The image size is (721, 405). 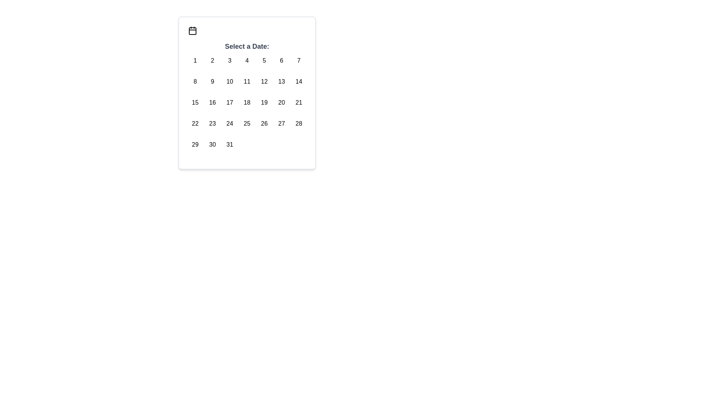 I want to click on the button displaying '24' in a rounded rectangle, so click(x=229, y=123).